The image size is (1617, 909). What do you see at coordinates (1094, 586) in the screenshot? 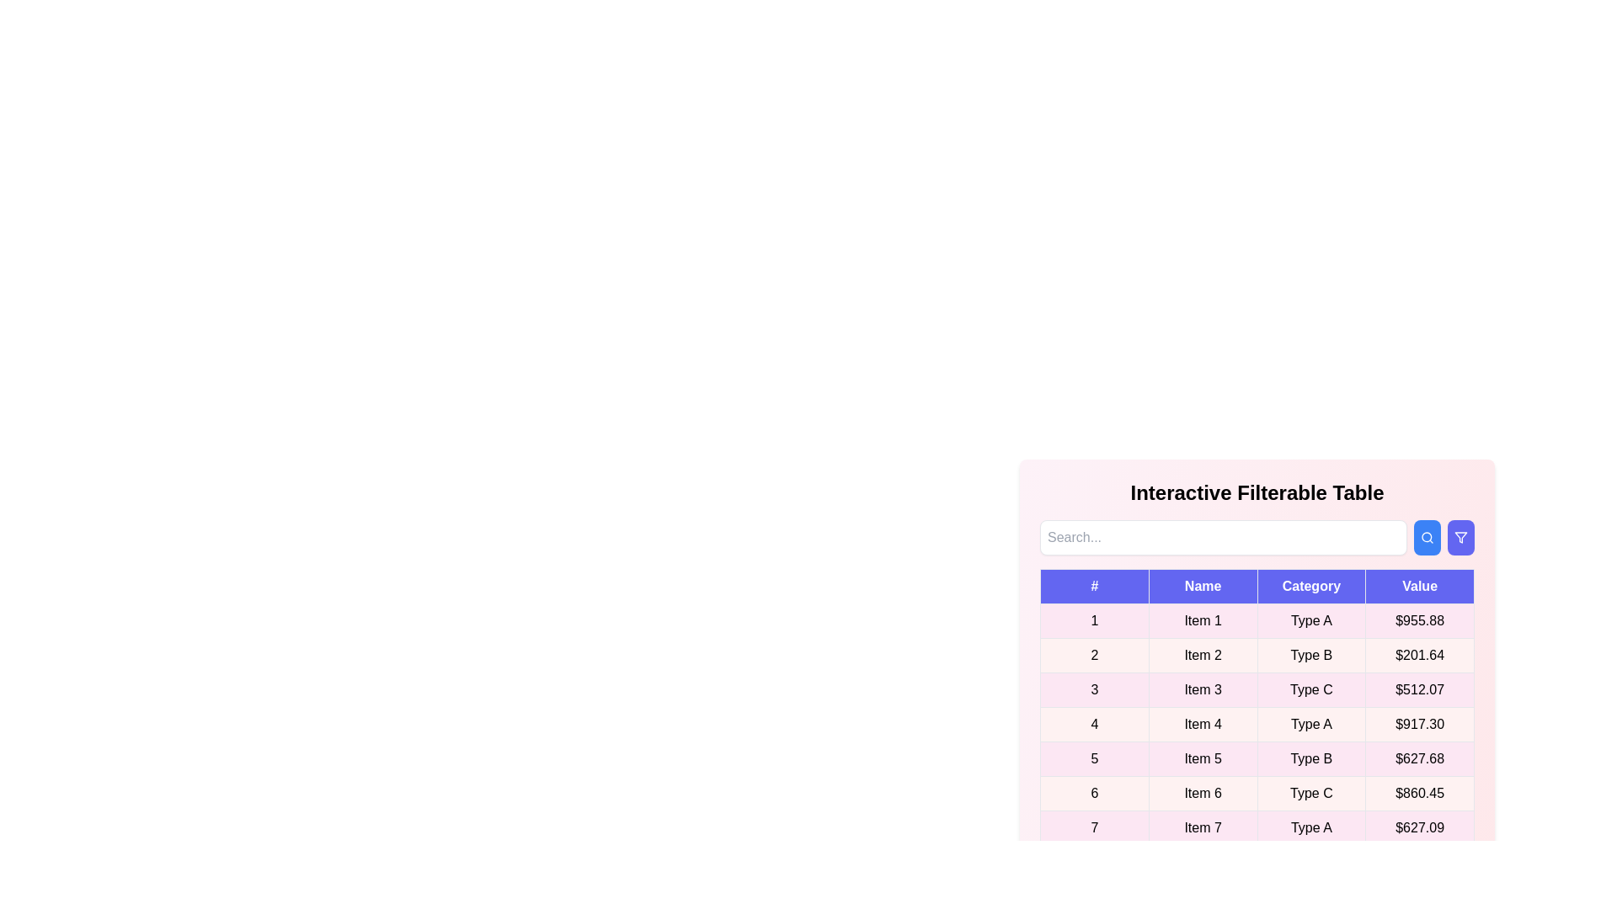
I see `the header of the column to sort it by #` at bounding box center [1094, 586].